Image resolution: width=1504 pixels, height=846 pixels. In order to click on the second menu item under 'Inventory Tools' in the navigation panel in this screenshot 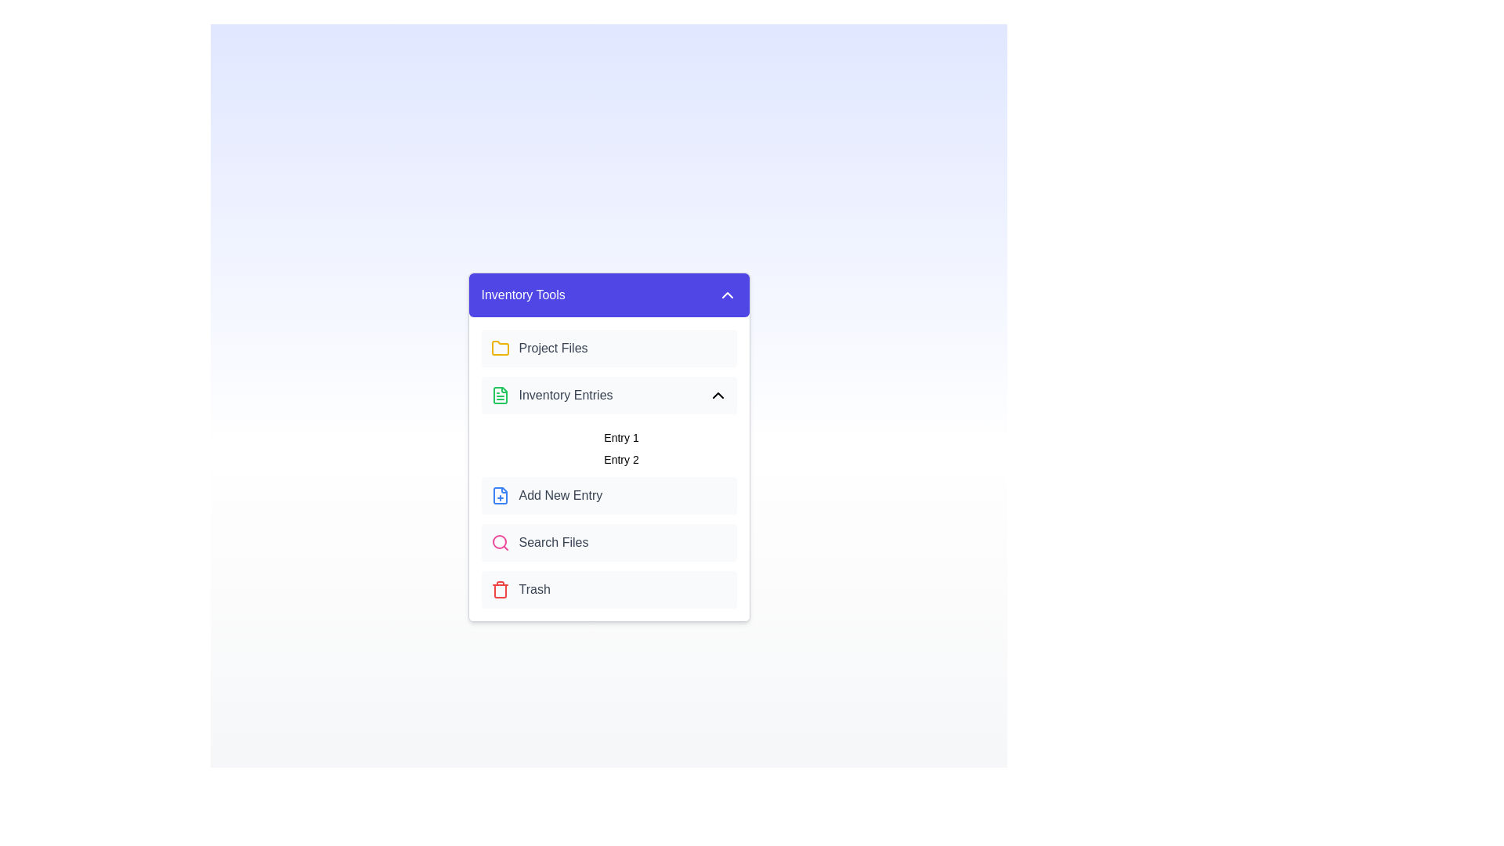, I will do `click(551, 395)`.